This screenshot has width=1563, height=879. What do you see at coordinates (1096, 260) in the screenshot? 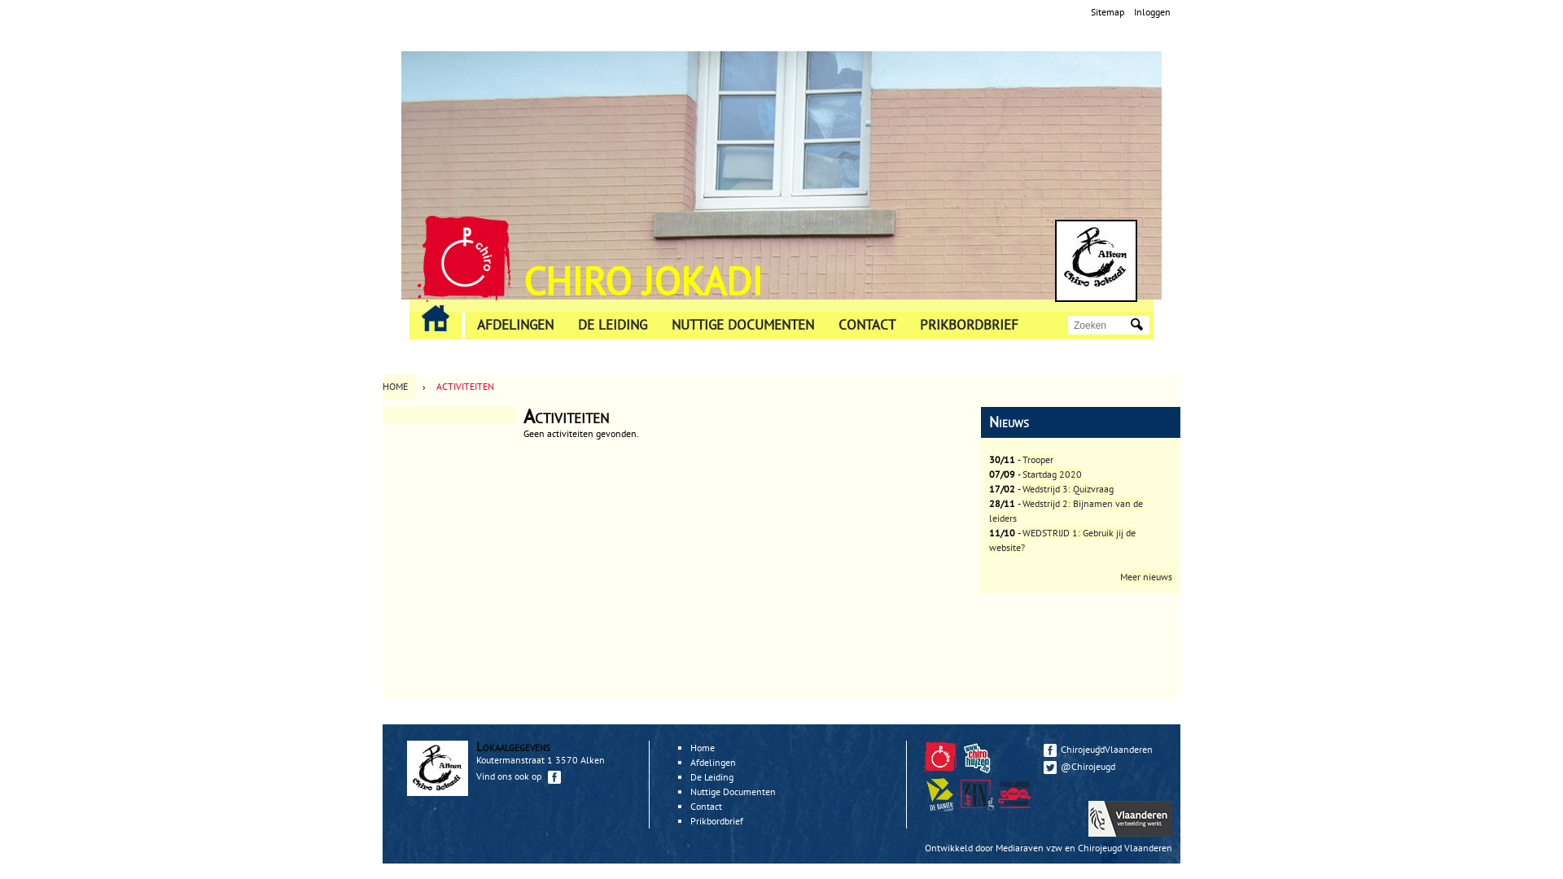
I see `'Home'` at bounding box center [1096, 260].